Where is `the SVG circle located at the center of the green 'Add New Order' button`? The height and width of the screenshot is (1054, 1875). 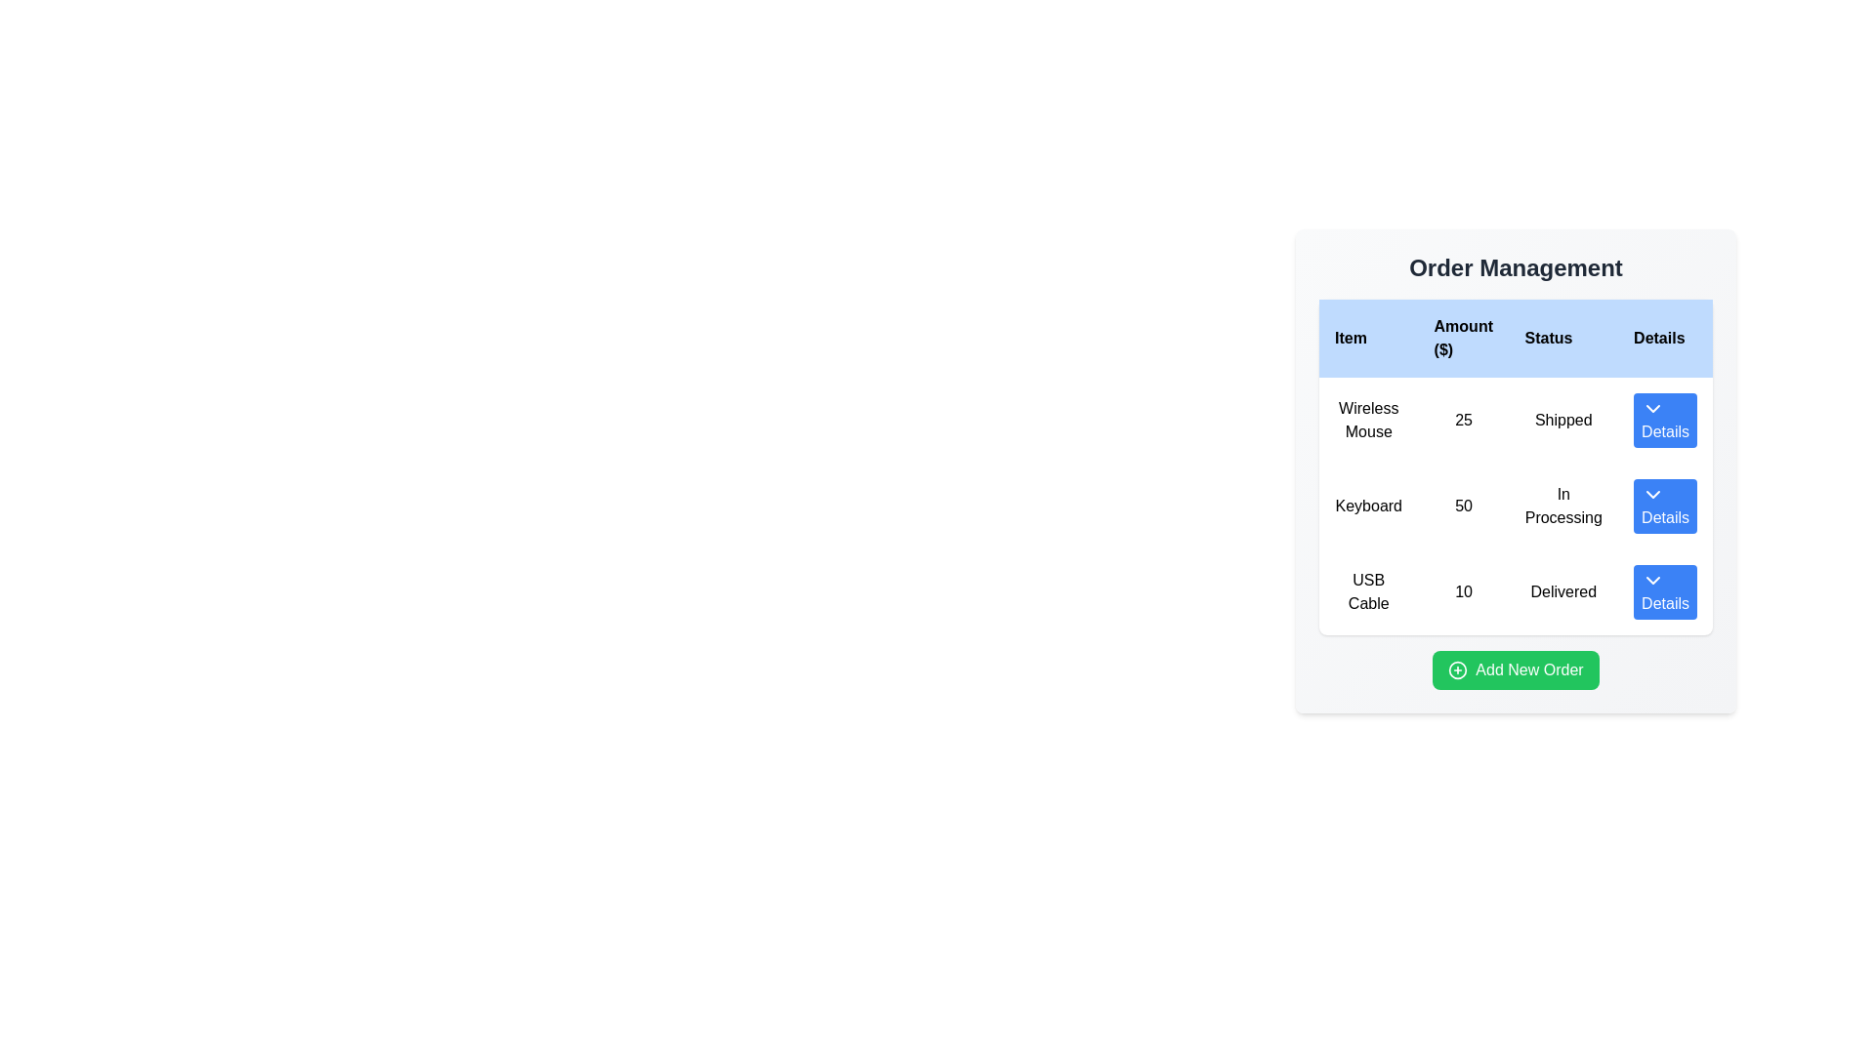
the SVG circle located at the center of the green 'Add New Order' button is located at coordinates (1458, 669).